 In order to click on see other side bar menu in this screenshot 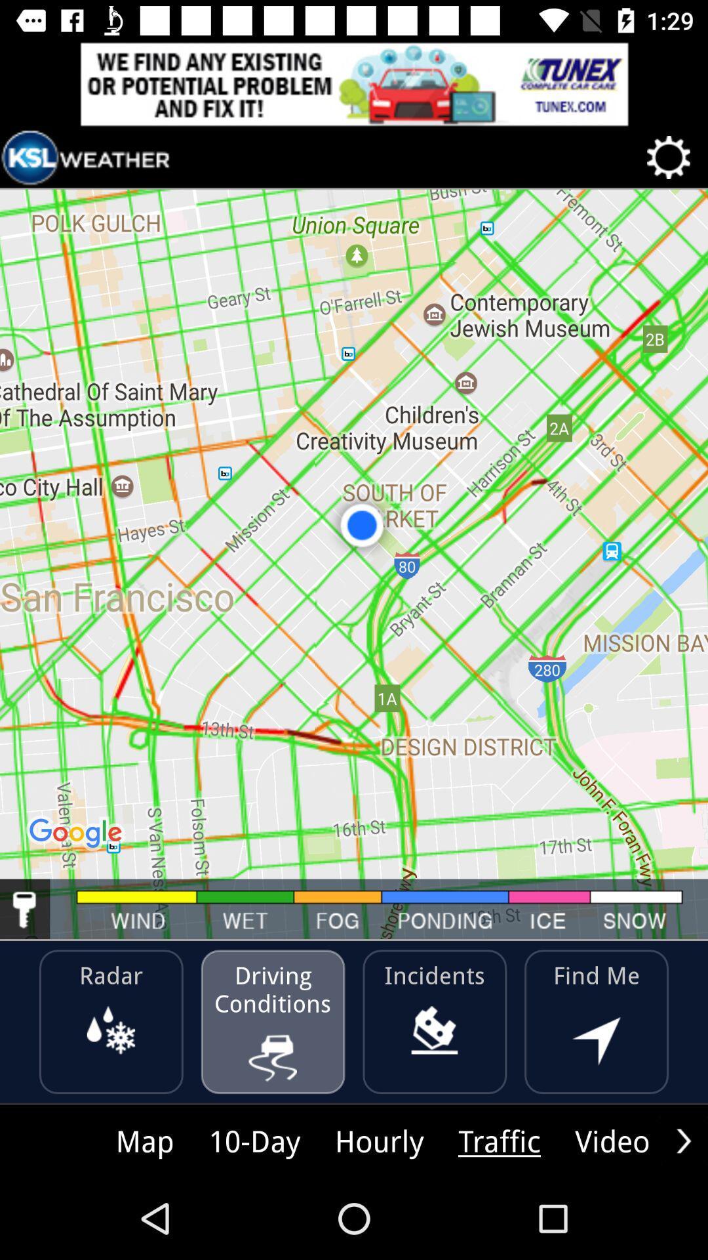, I will do `click(683, 1140)`.